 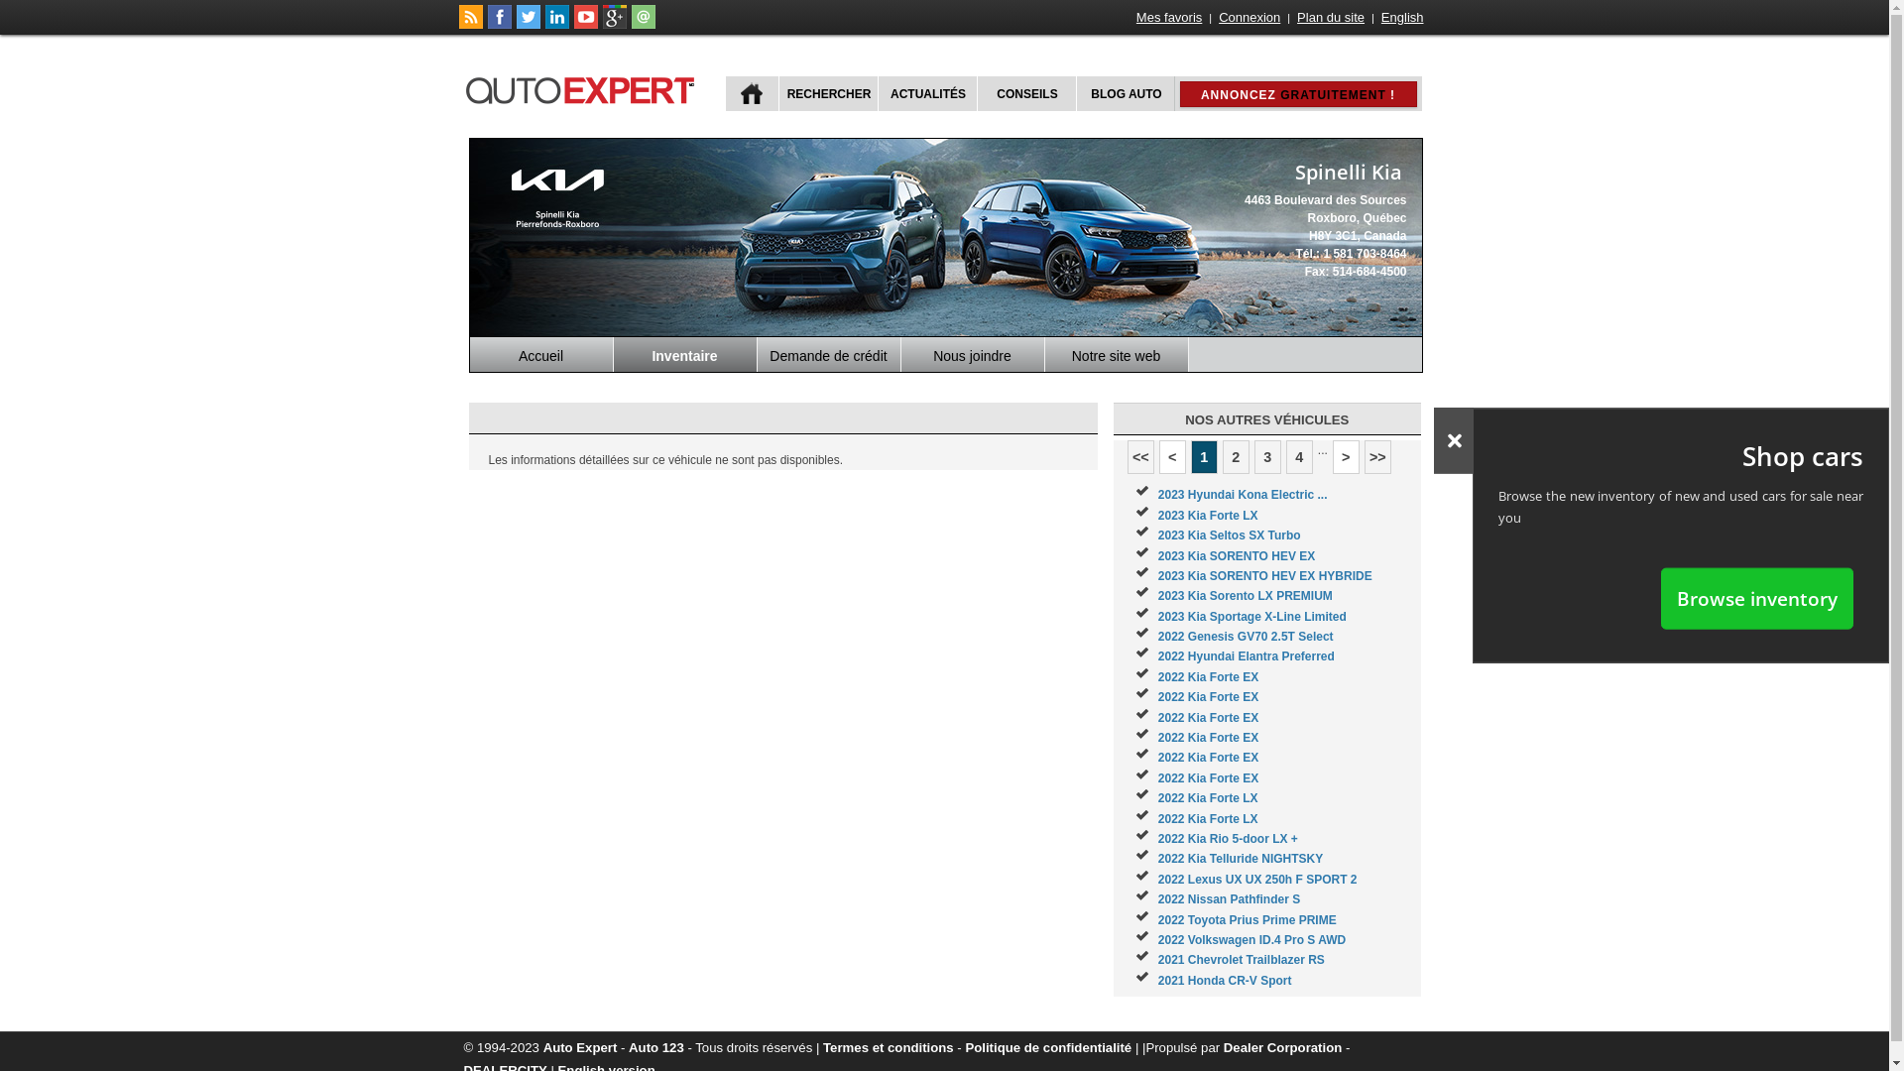 What do you see at coordinates (1378, 17) in the screenshot?
I see `'English'` at bounding box center [1378, 17].